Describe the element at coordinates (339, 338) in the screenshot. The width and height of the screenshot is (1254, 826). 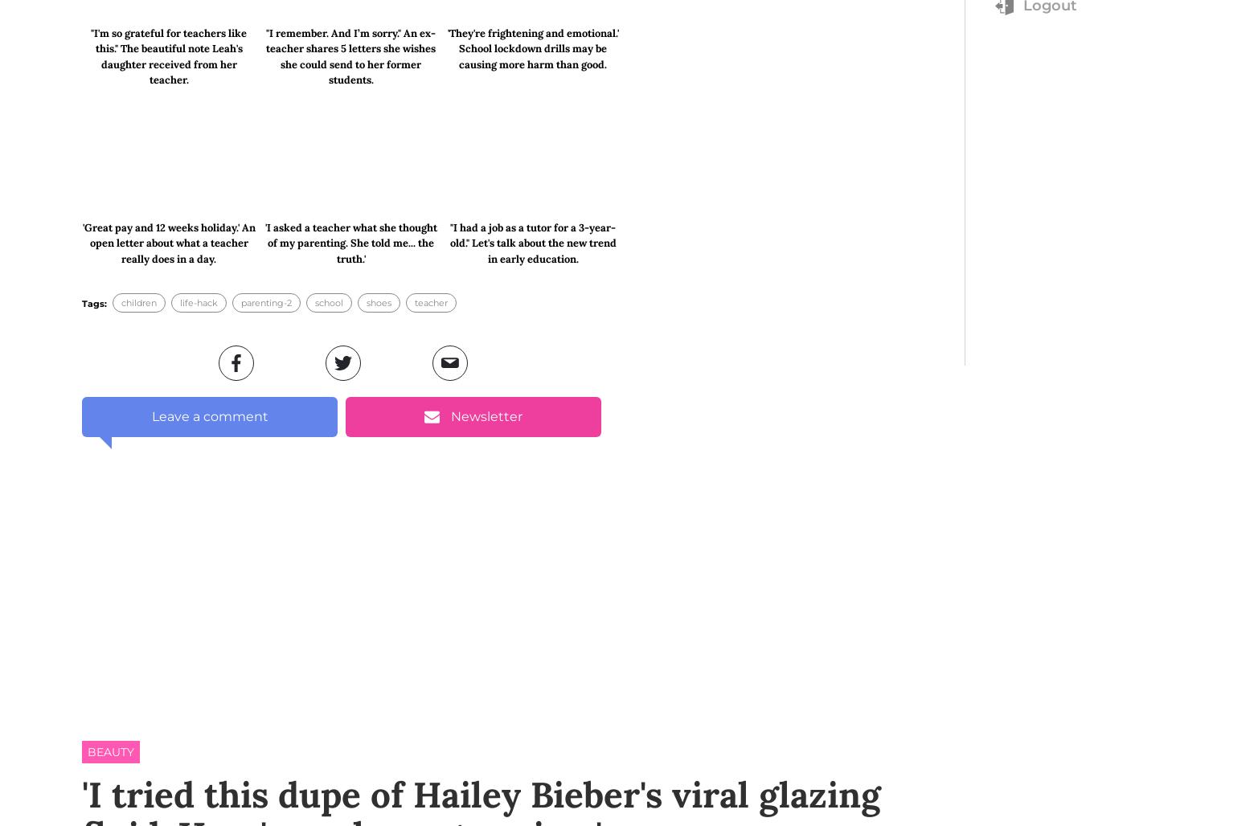
I see `'But chances are, you haven't managed to get your mitts on it - because the brand still doesn't ship to Australia. Sad, we know. But what if we were to tell you there's an Aussie dupe that works the same, if not.... better?'` at that location.